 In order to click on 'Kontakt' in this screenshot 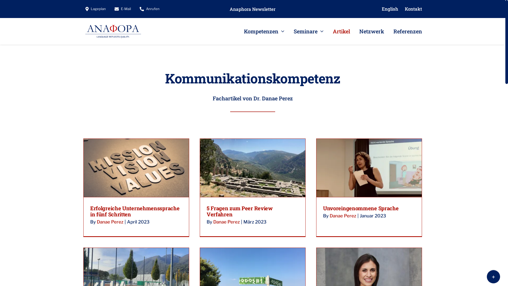, I will do `click(413, 9)`.